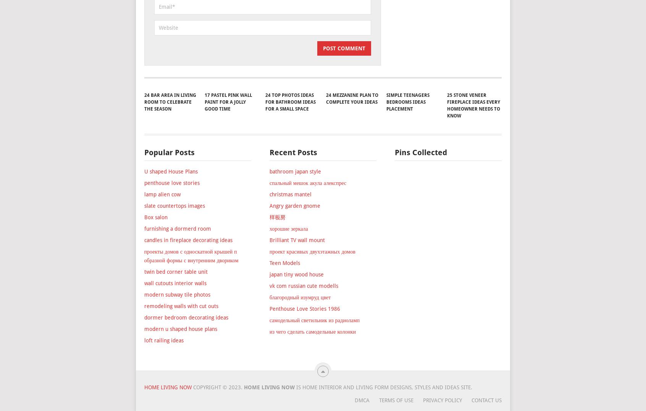 Image resolution: width=646 pixels, height=411 pixels. What do you see at coordinates (163, 383) in the screenshot?
I see `'loft railing ideas'` at bounding box center [163, 383].